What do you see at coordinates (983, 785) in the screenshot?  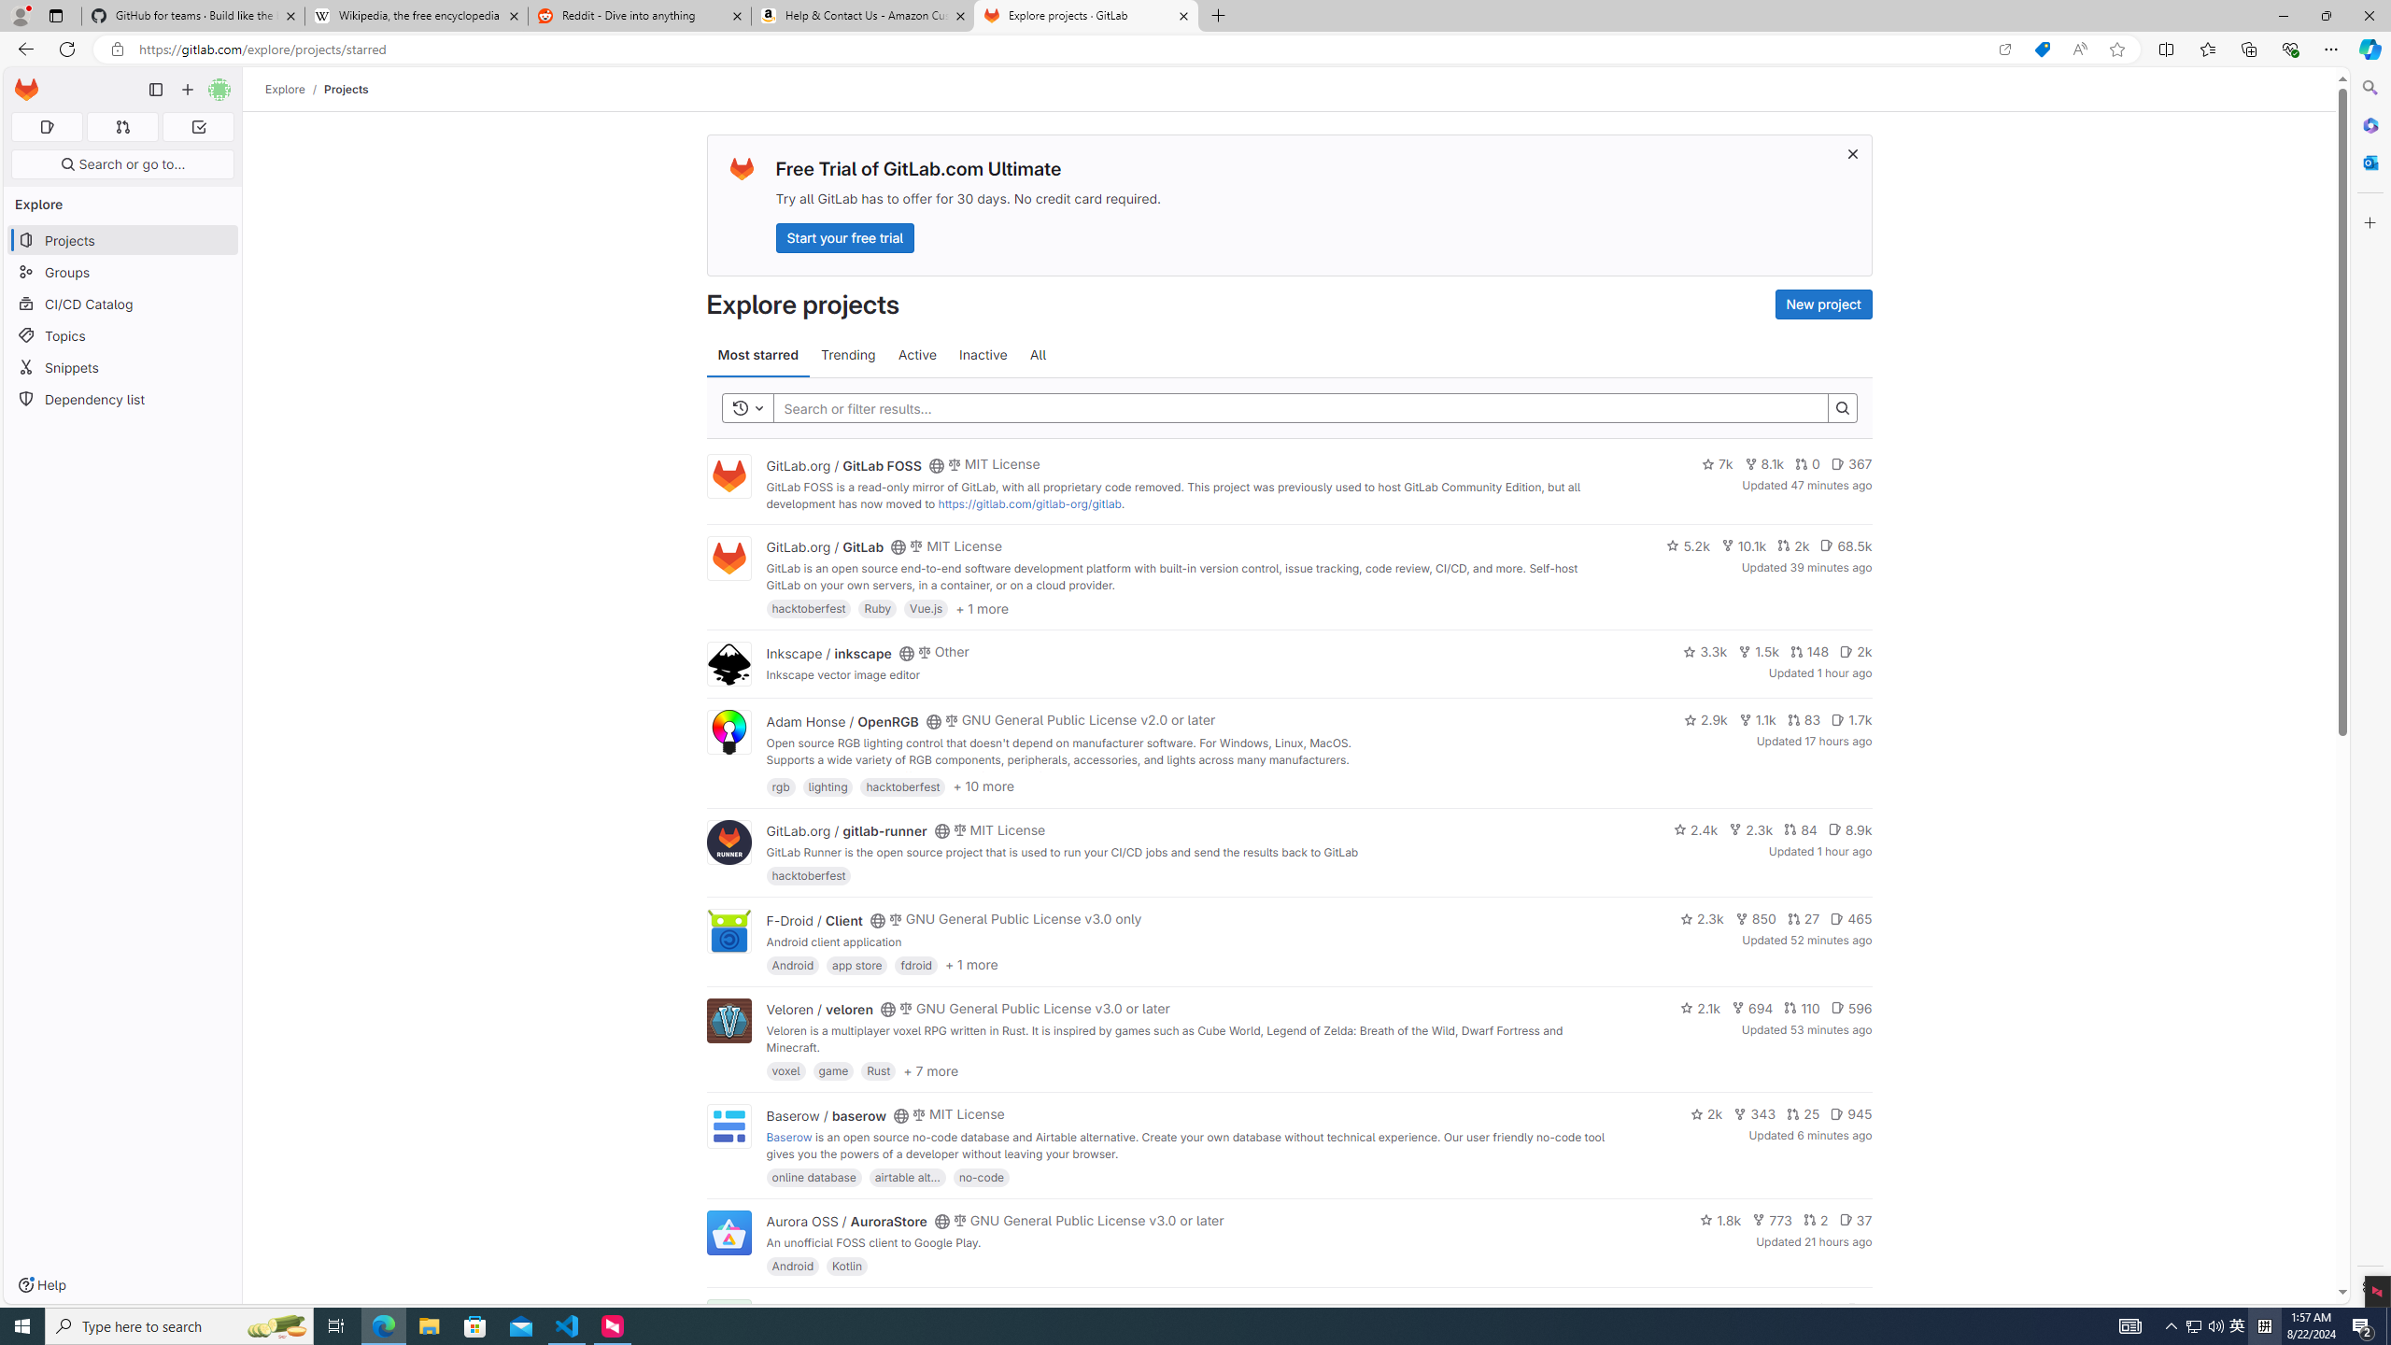 I see `'+ 10 more'` at bounding box center [983, 785].